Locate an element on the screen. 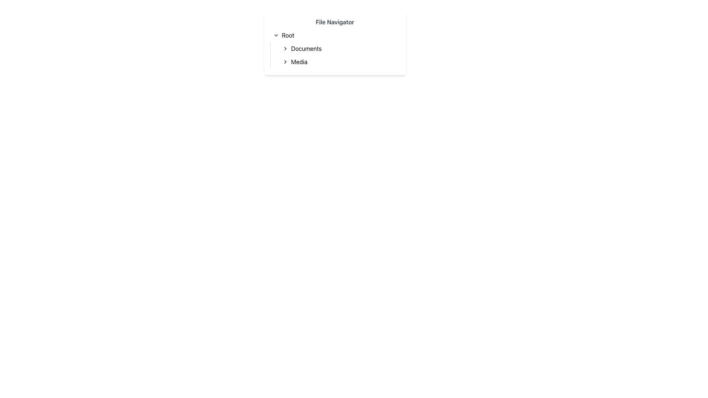  the 'Media' label is located at coordinates (299, 62).